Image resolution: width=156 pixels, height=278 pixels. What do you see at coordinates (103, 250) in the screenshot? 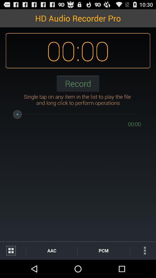
I see `the icon next to the aac icon` at bounding box center [103, 250].